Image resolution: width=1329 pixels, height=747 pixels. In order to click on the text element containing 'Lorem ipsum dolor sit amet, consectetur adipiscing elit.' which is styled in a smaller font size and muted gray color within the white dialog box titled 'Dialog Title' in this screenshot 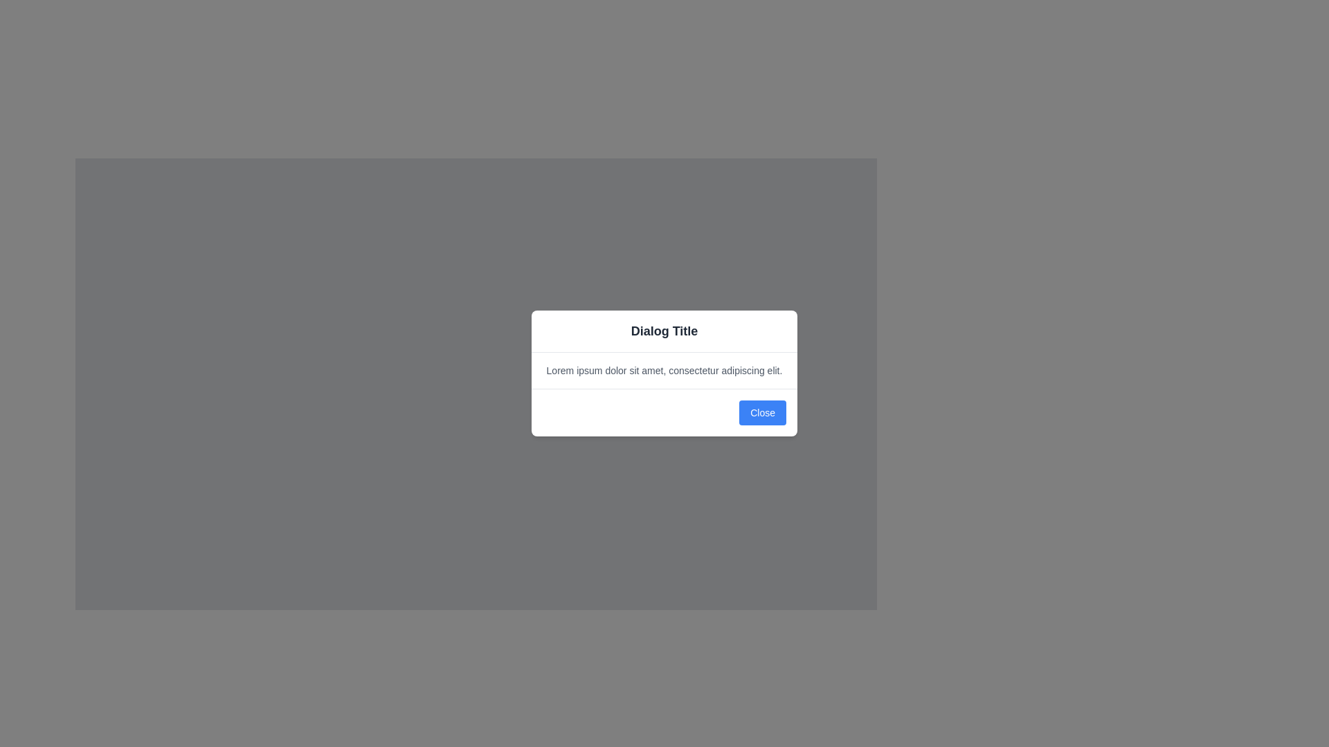, I will do `click(664, 370)`.